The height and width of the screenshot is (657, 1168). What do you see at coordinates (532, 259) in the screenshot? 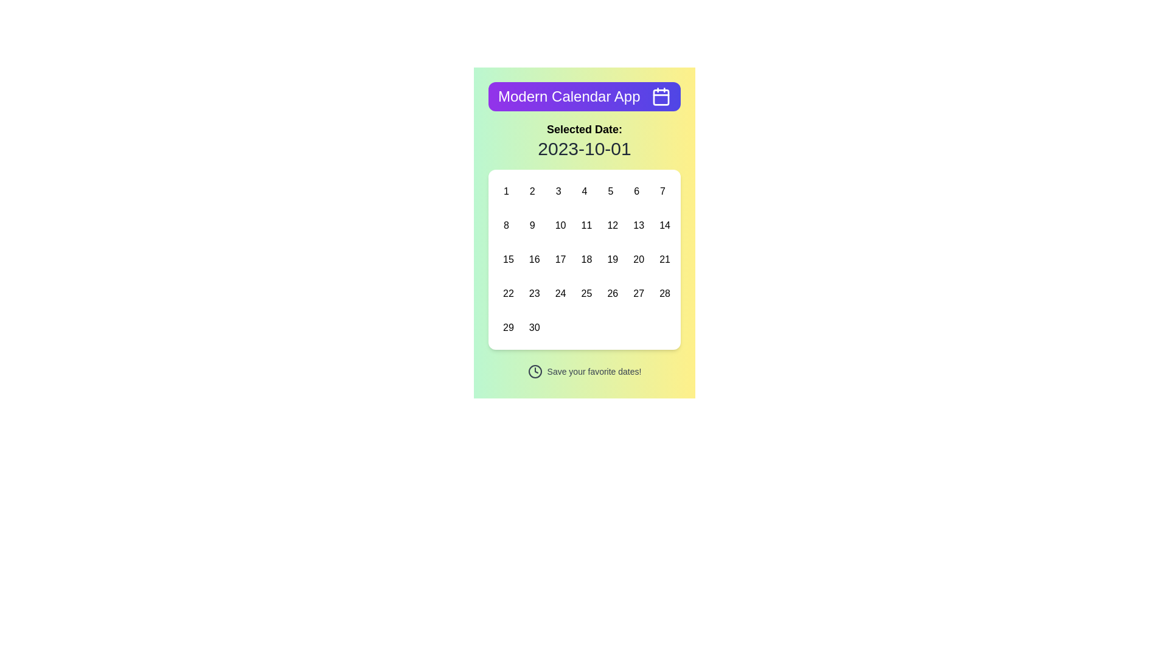
I see `the selectable calendar date button representing the 16th of the month` at bounding box center [532, 259].